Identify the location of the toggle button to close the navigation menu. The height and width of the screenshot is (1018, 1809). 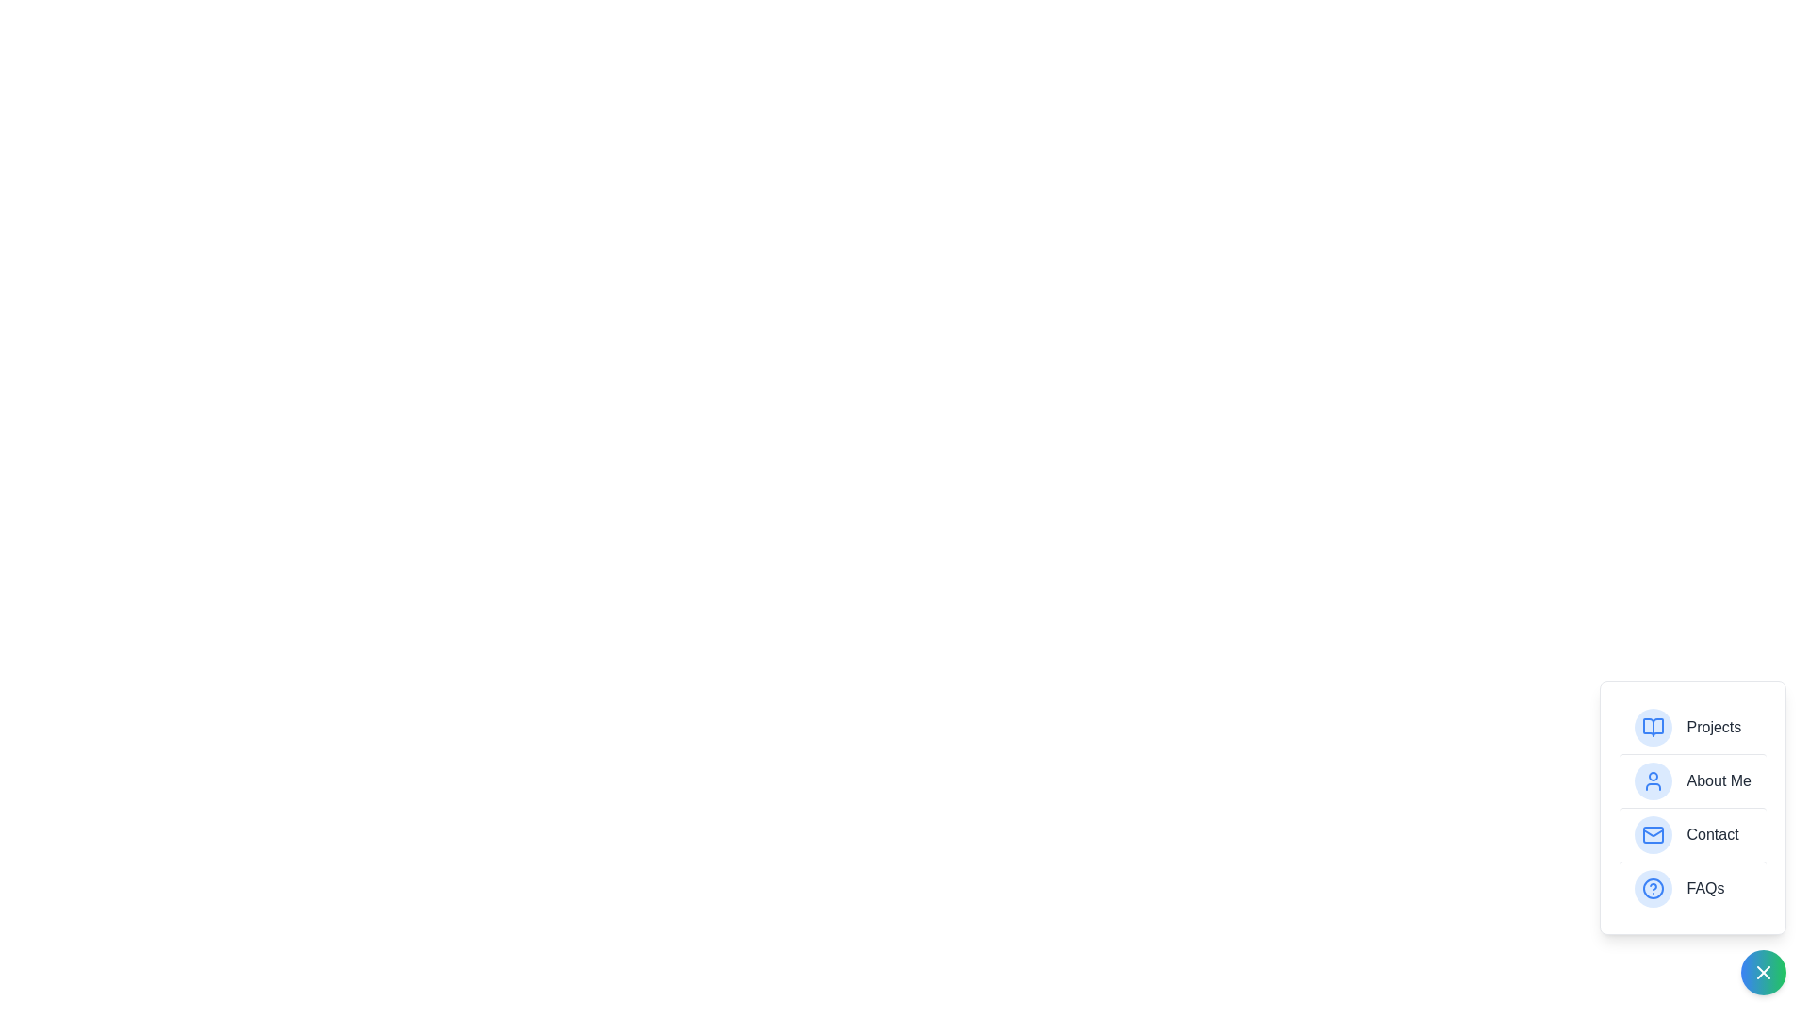
(1763, 973).